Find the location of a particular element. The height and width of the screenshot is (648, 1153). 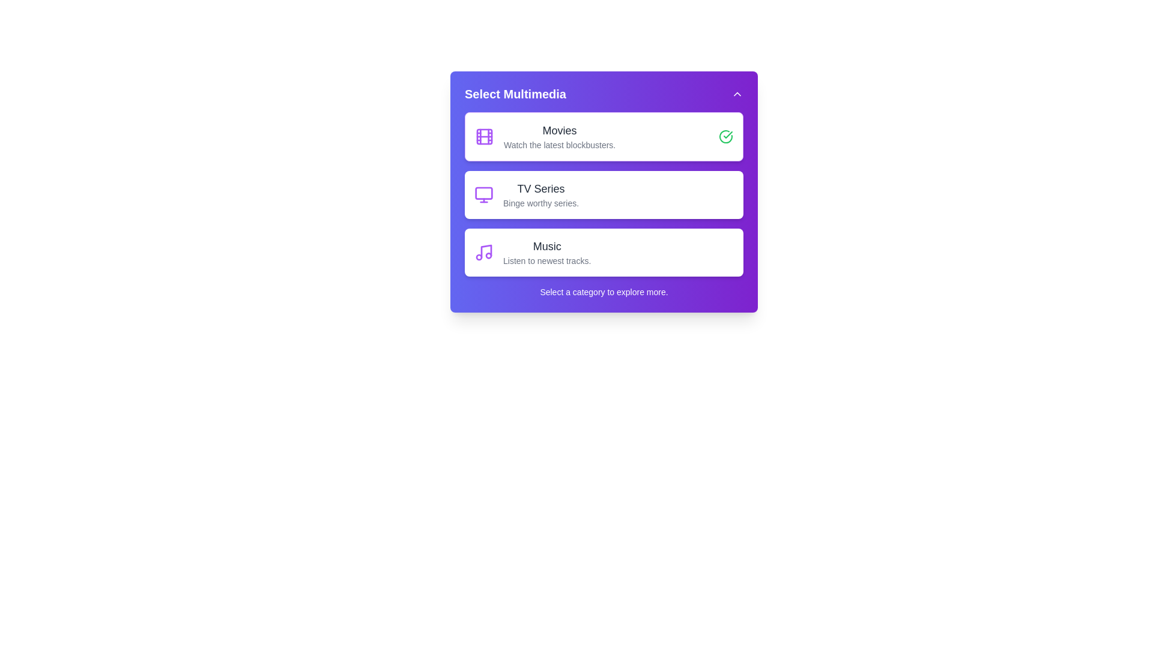

the icon representing the category Movies is located at coordinates (484, 136).